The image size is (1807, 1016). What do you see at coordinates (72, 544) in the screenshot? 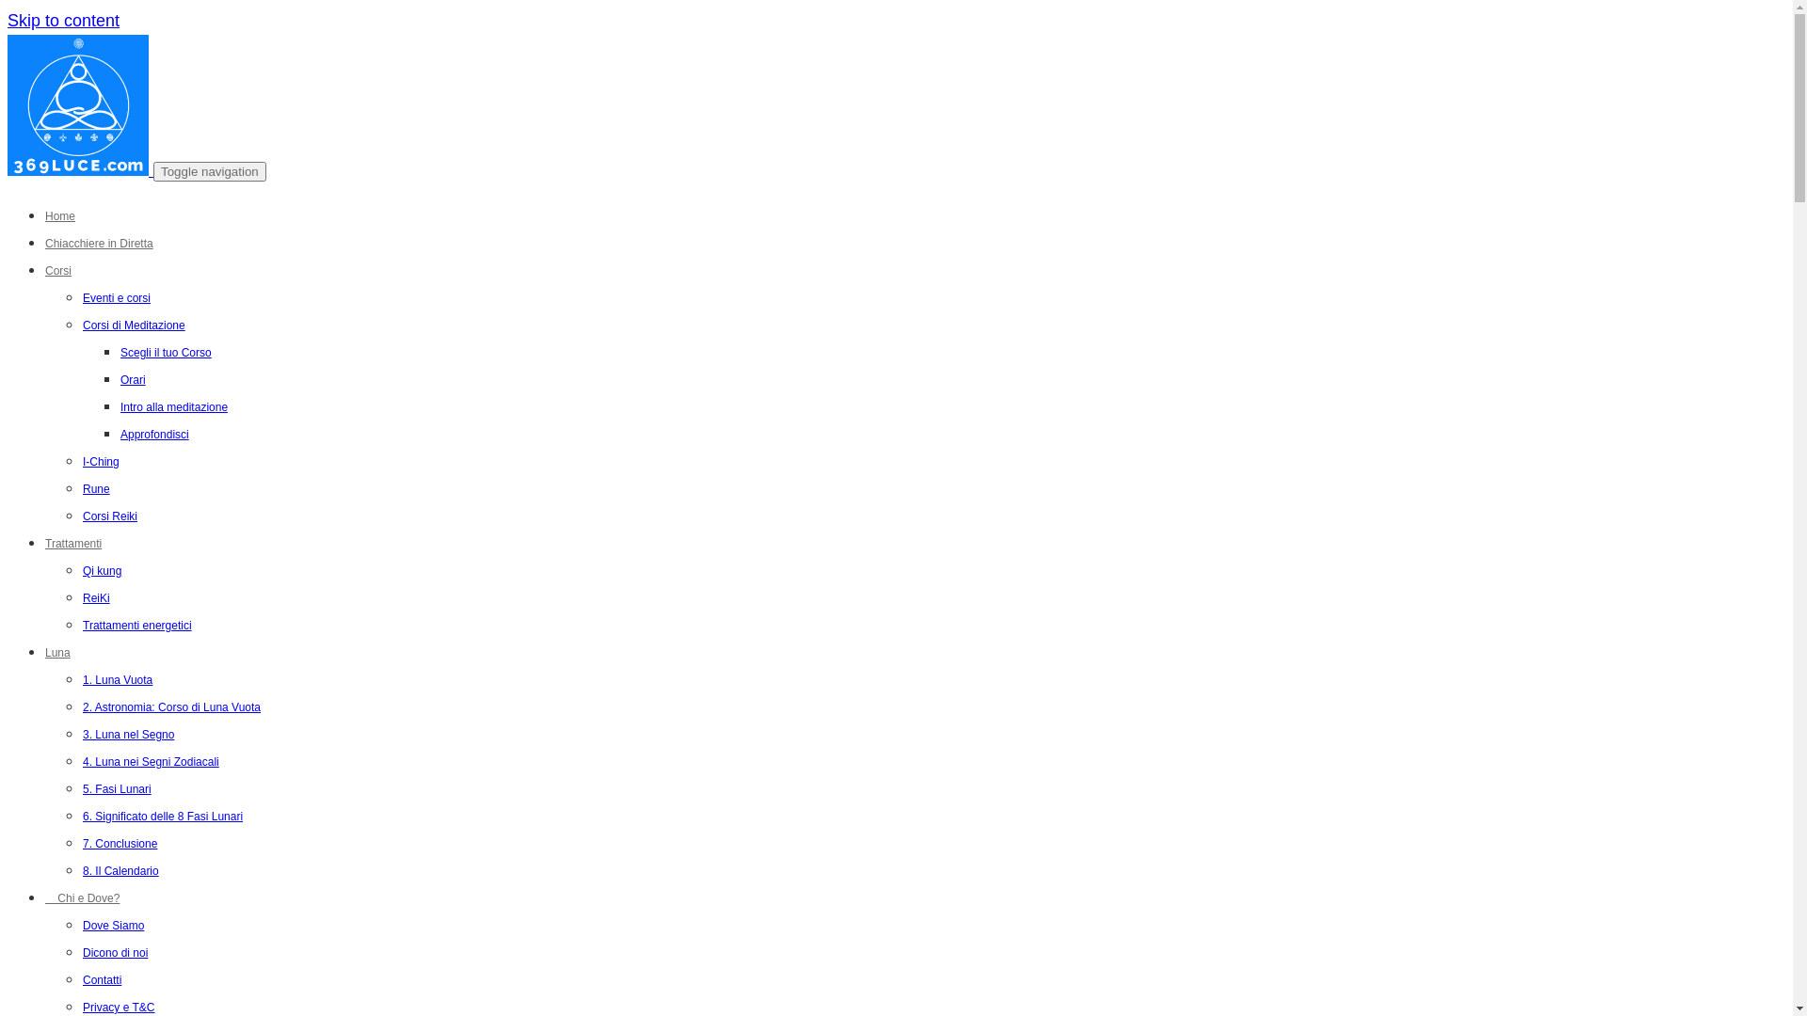
I see `'Trattamenti'` at bounding box center [72, 544].